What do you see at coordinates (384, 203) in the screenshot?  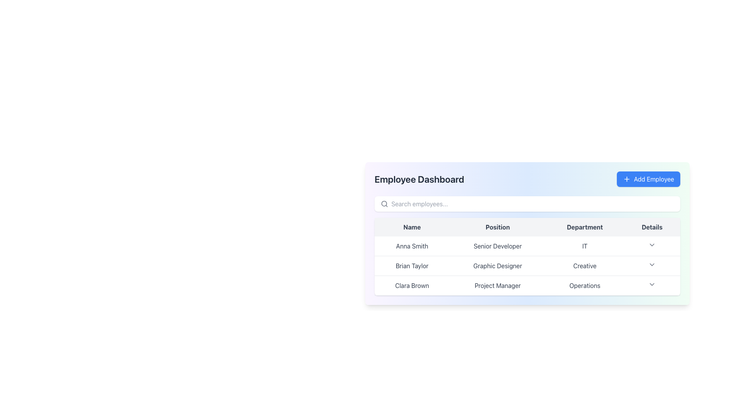 I see `the circular component of the search icon, which is centrally positioned within the SVG graphic` at bounding box center [384, 203].